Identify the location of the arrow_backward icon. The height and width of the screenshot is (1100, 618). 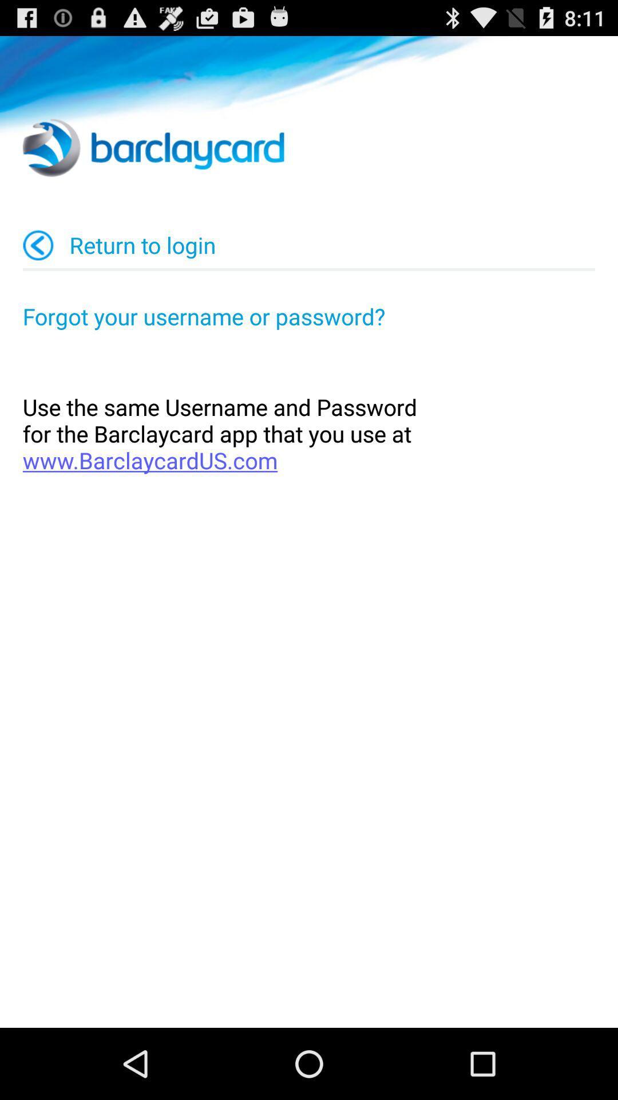
(38, 261).